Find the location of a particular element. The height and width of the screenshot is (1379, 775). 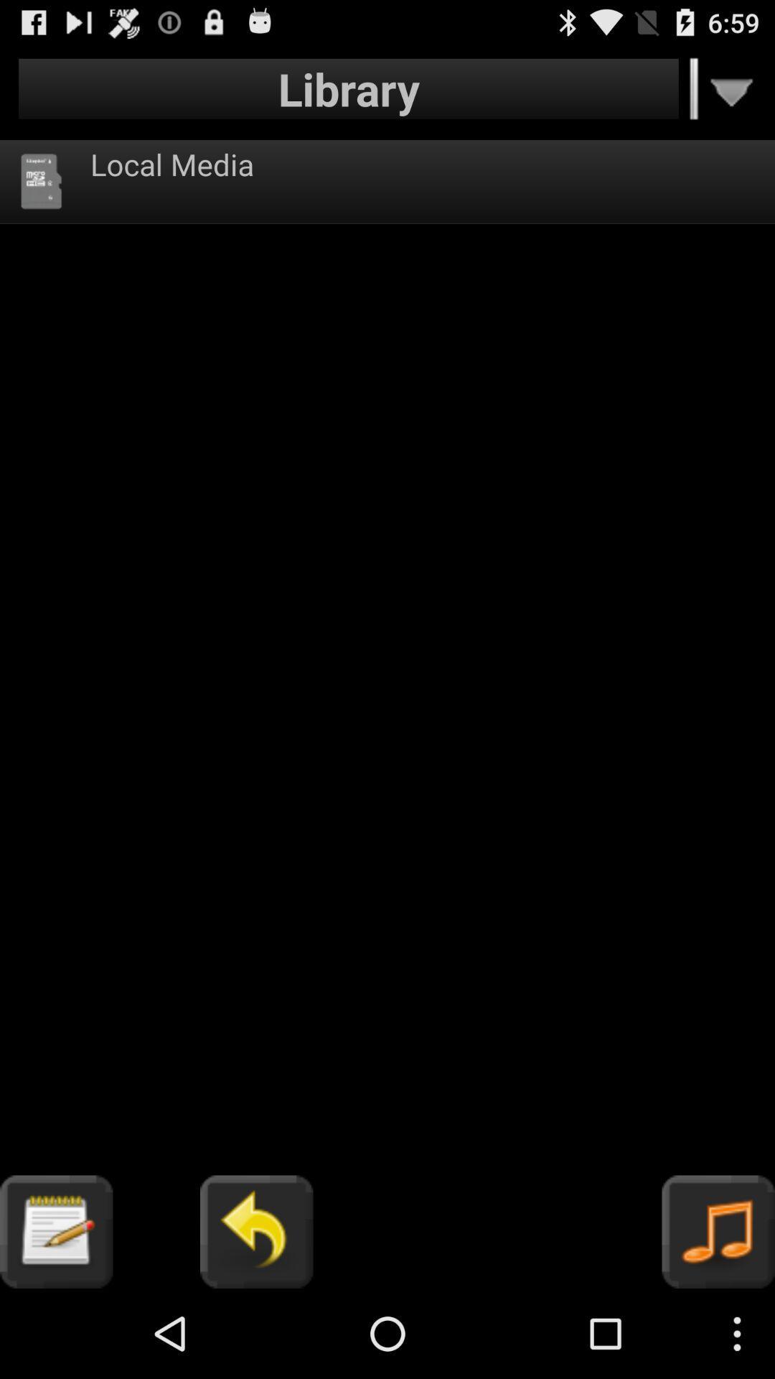

the reply icon is located at coordinates (255, 1318).